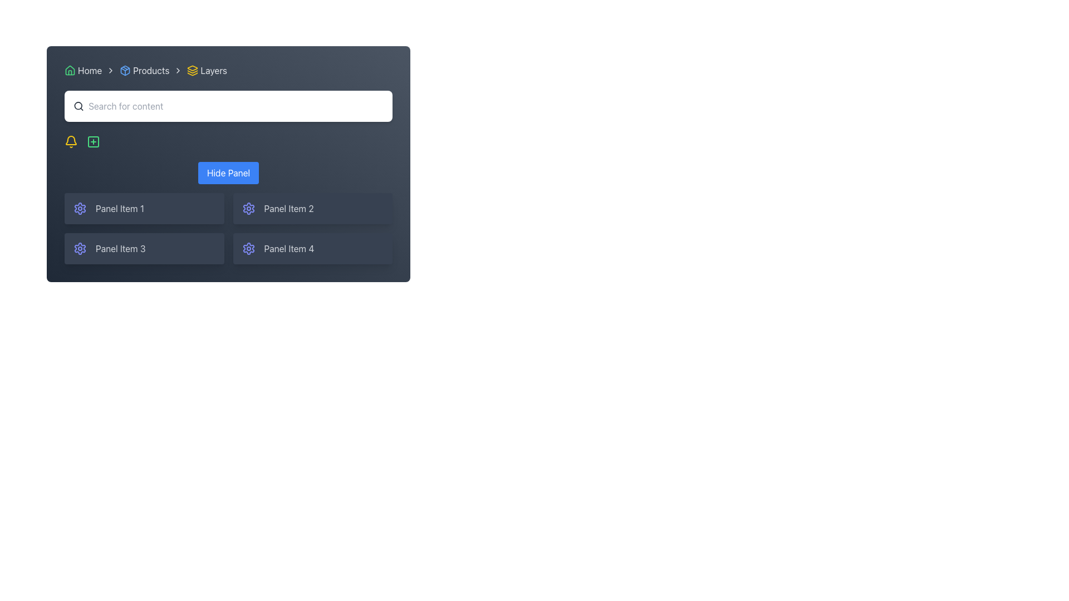  What do you see at coordinates (80, 208) in the screenshot?
I see `the settings icon located in the top-left corner of the panel, which represents configuration options` at bounding box center [80, 208].